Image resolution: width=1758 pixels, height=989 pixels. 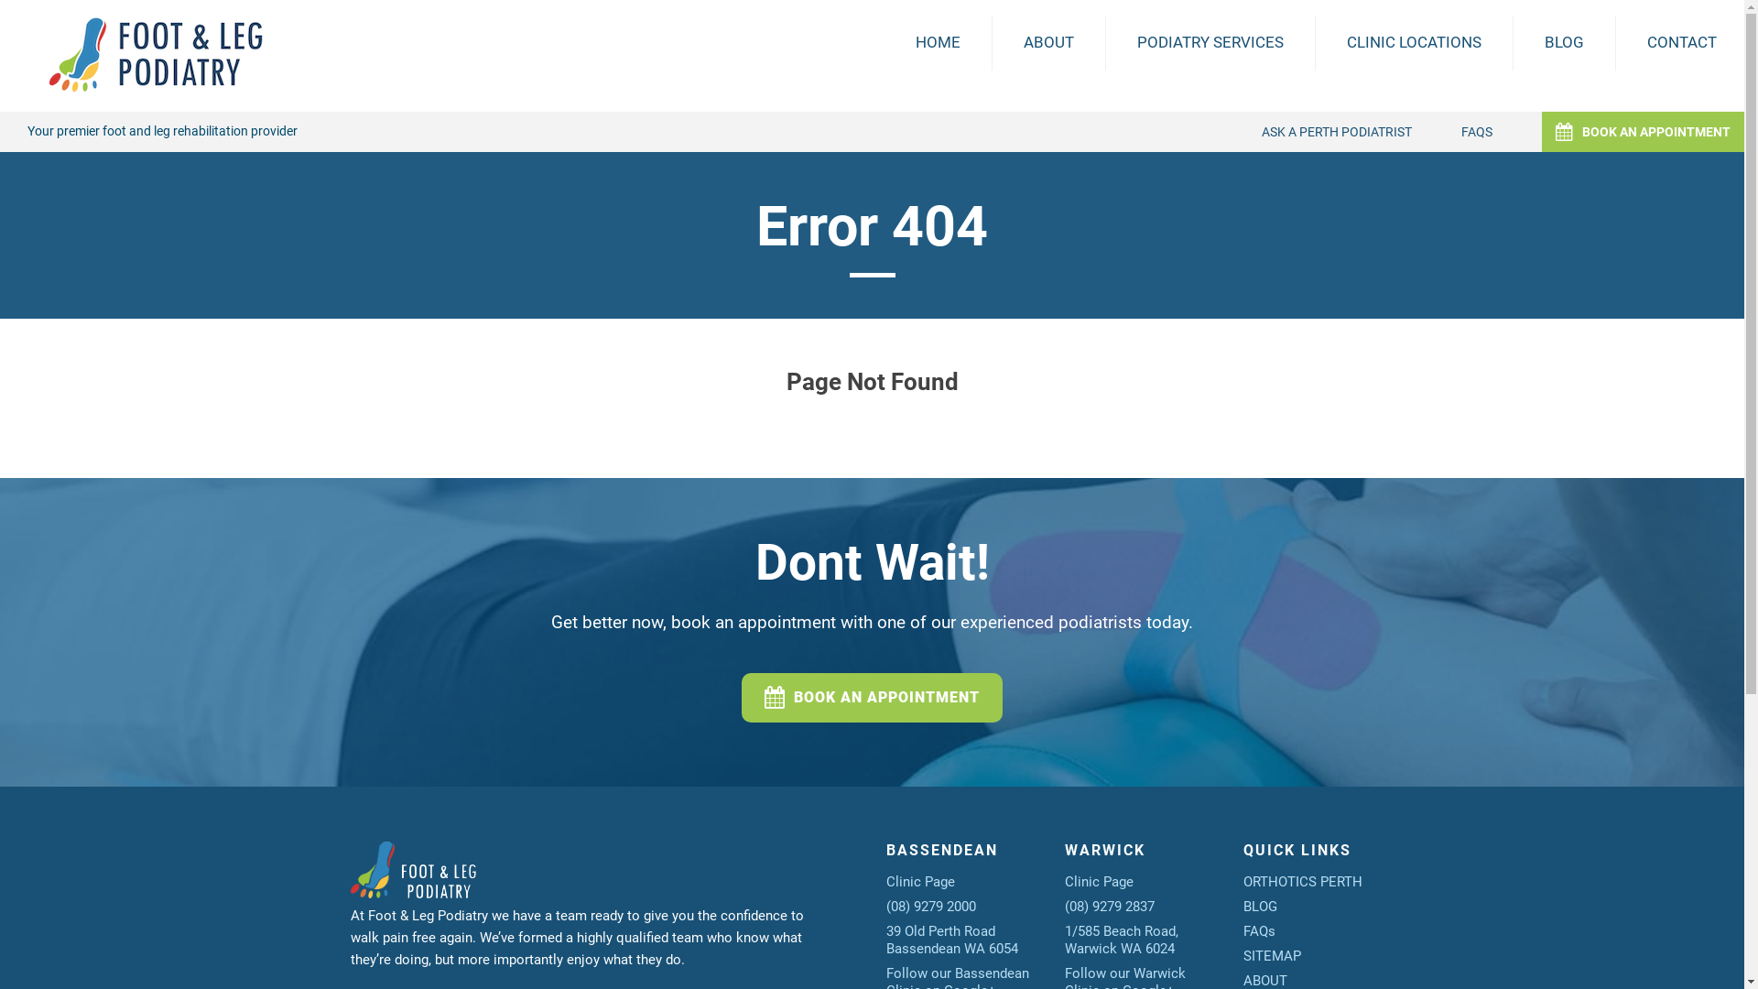 What do you see at coordinates (1258, 931) in the screenshot?
I see `'FAQs'` at bounding box center [1258, 931].